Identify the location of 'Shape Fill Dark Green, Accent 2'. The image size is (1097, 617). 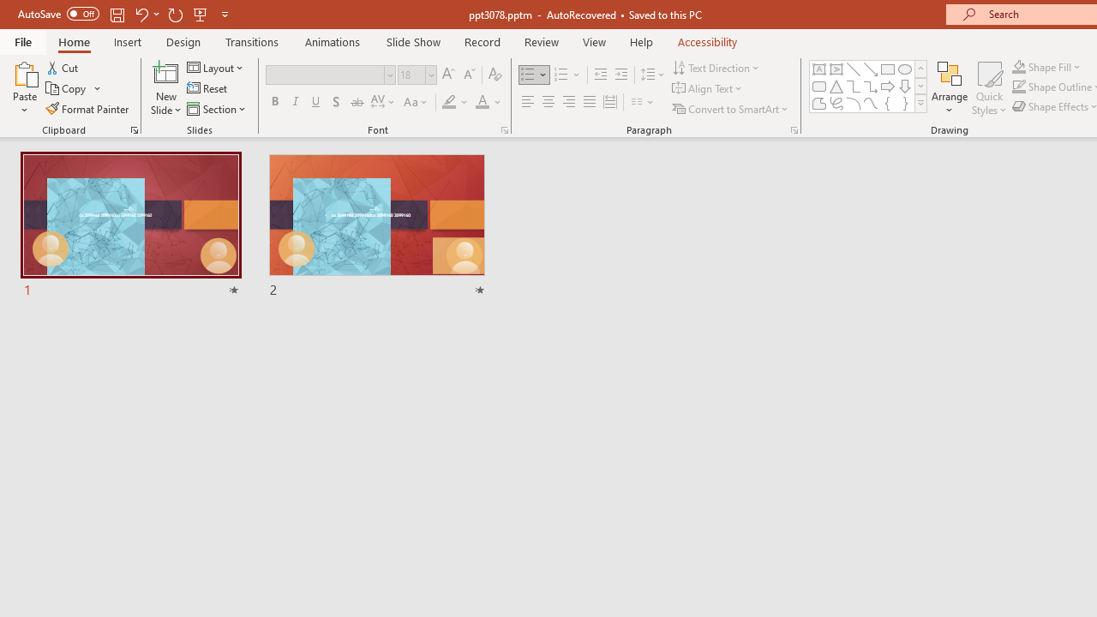
(1019, 66).